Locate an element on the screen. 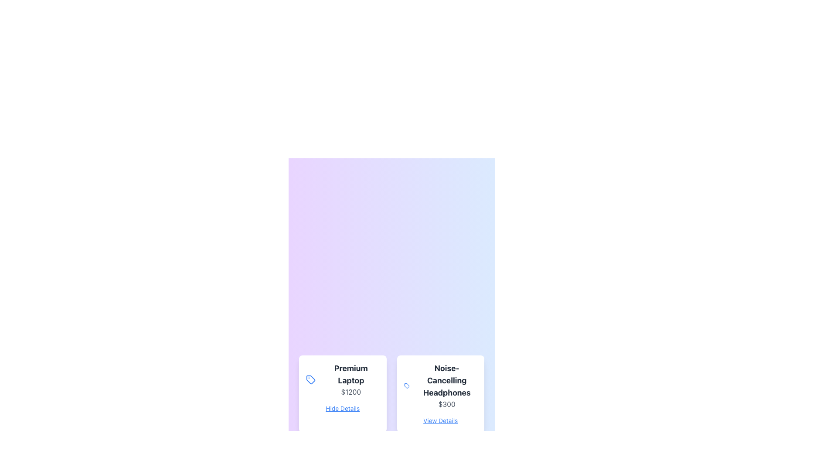 This screenshot has height=471, width=837. the text label displaying the price '$300', which is positioned below the 'Noise-Cancelling Headphones' text in the information card is located at coordinates (447, 404).